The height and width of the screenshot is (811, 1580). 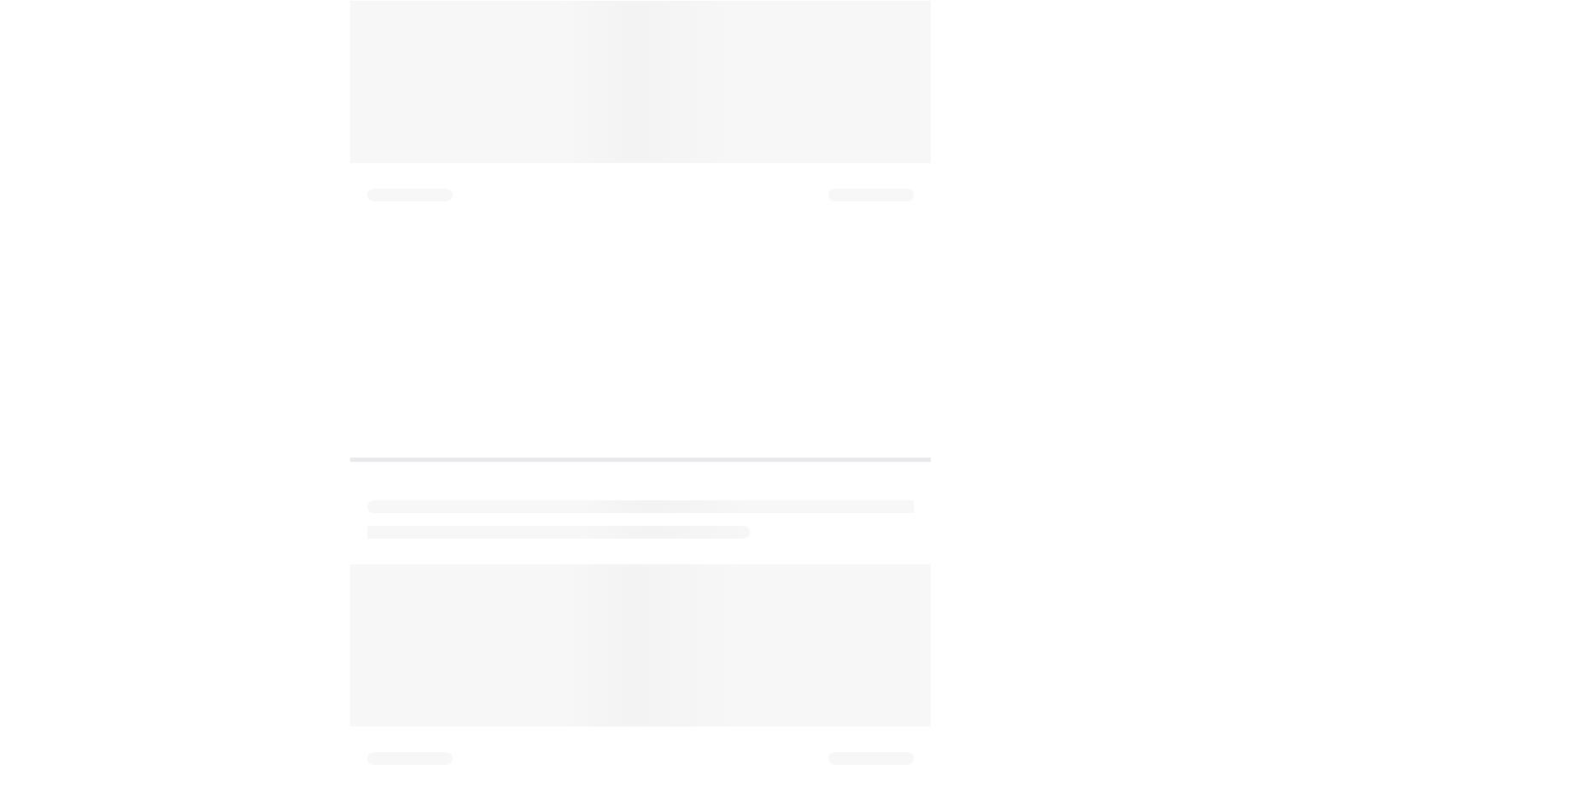 What do you see at coordinates (369, 121) in the screenshot?
I see `'2'` at bounding box center [369, 121].